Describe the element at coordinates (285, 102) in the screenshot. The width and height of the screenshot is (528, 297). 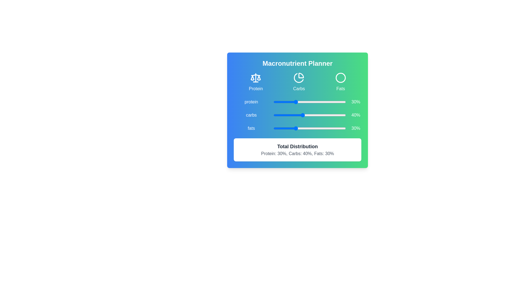
I see `the protein percentage` at that location.